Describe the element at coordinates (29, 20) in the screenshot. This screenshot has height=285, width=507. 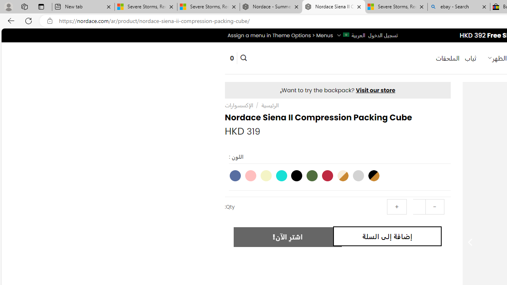
I see `'Refresh'` at that location.